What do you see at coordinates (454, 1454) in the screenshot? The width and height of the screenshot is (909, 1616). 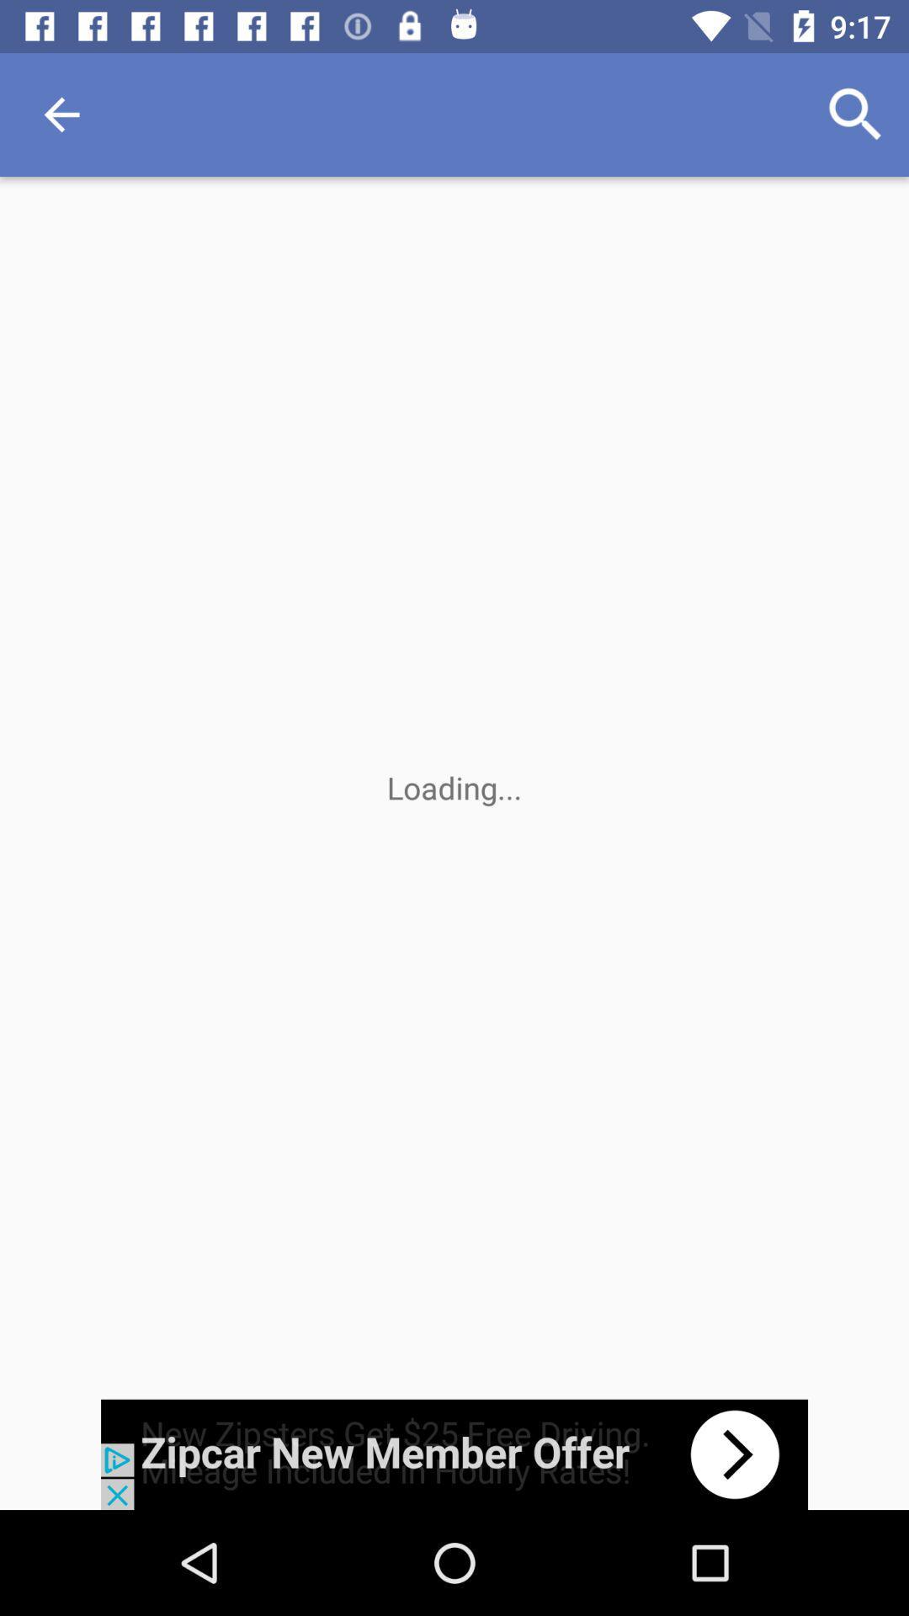 I see `advertisement` at bounding box center [454, 1454].